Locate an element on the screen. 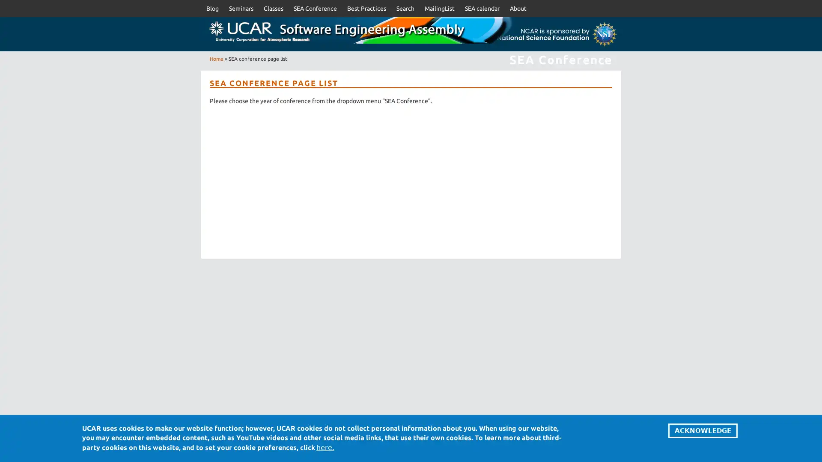 The height and width of the screenshot is (462, 822). ACKNOWLEDGE is located at coordinates (703, 430).